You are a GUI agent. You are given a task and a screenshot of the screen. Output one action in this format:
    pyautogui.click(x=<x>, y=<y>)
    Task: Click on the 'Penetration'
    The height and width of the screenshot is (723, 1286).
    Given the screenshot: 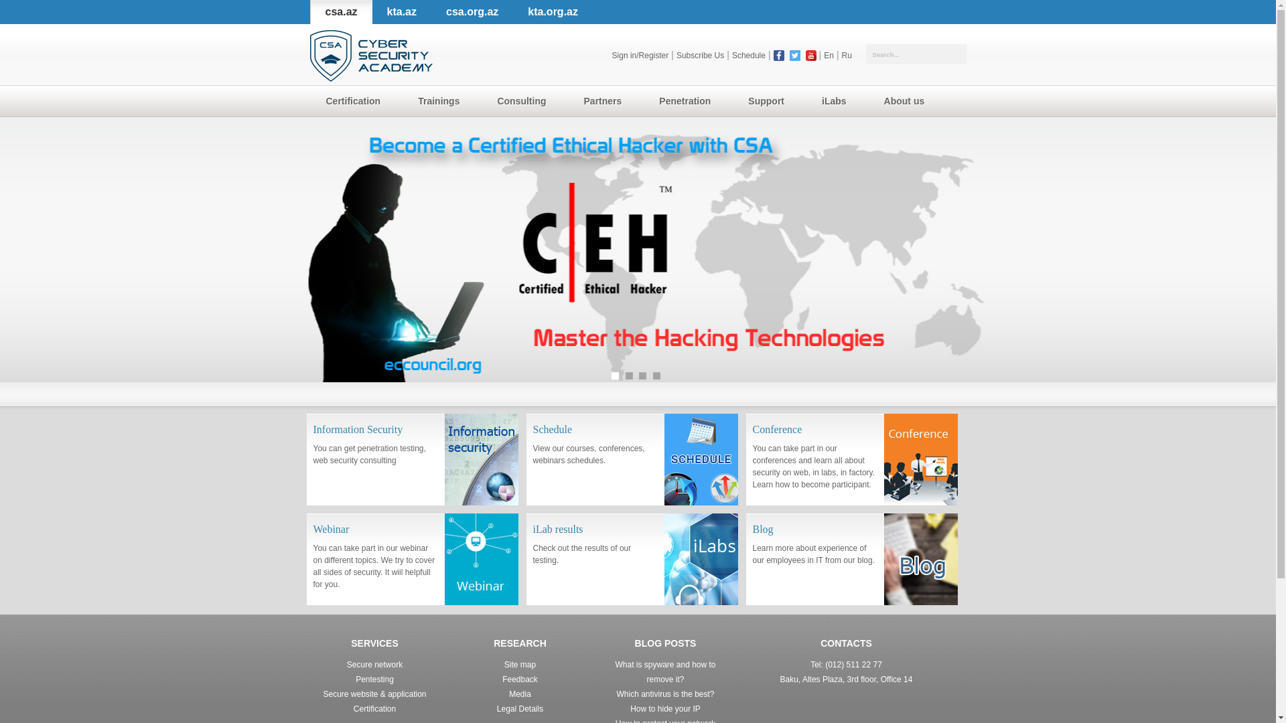 What is the action you would take?
    pyautogui.click(x=687, y=100)
    